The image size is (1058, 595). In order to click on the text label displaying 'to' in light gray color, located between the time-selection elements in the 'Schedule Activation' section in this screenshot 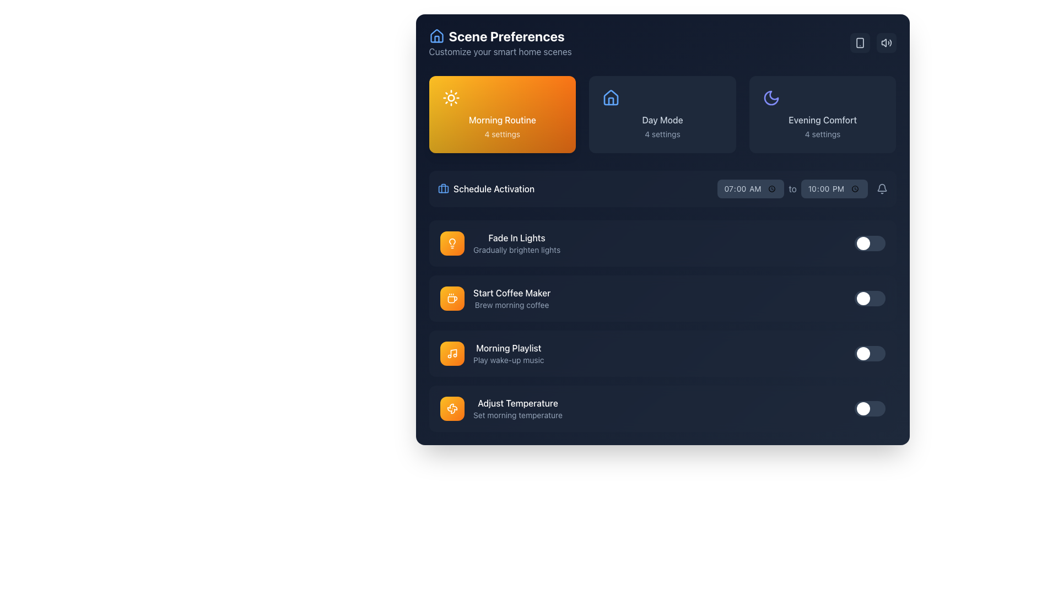, I will do `click(792, 188)`.